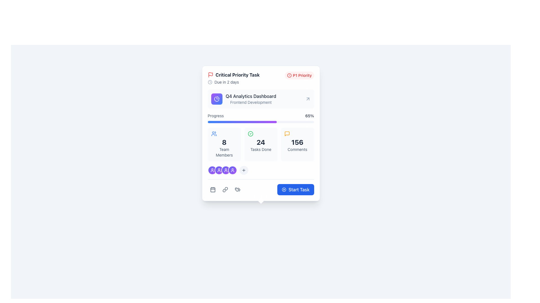 This screenshot has width=540, height=303. Describe the element at coordinates (287, 134) in the screenshot. I see `the speech bubble icon located at the bottom of the task card` at that location.